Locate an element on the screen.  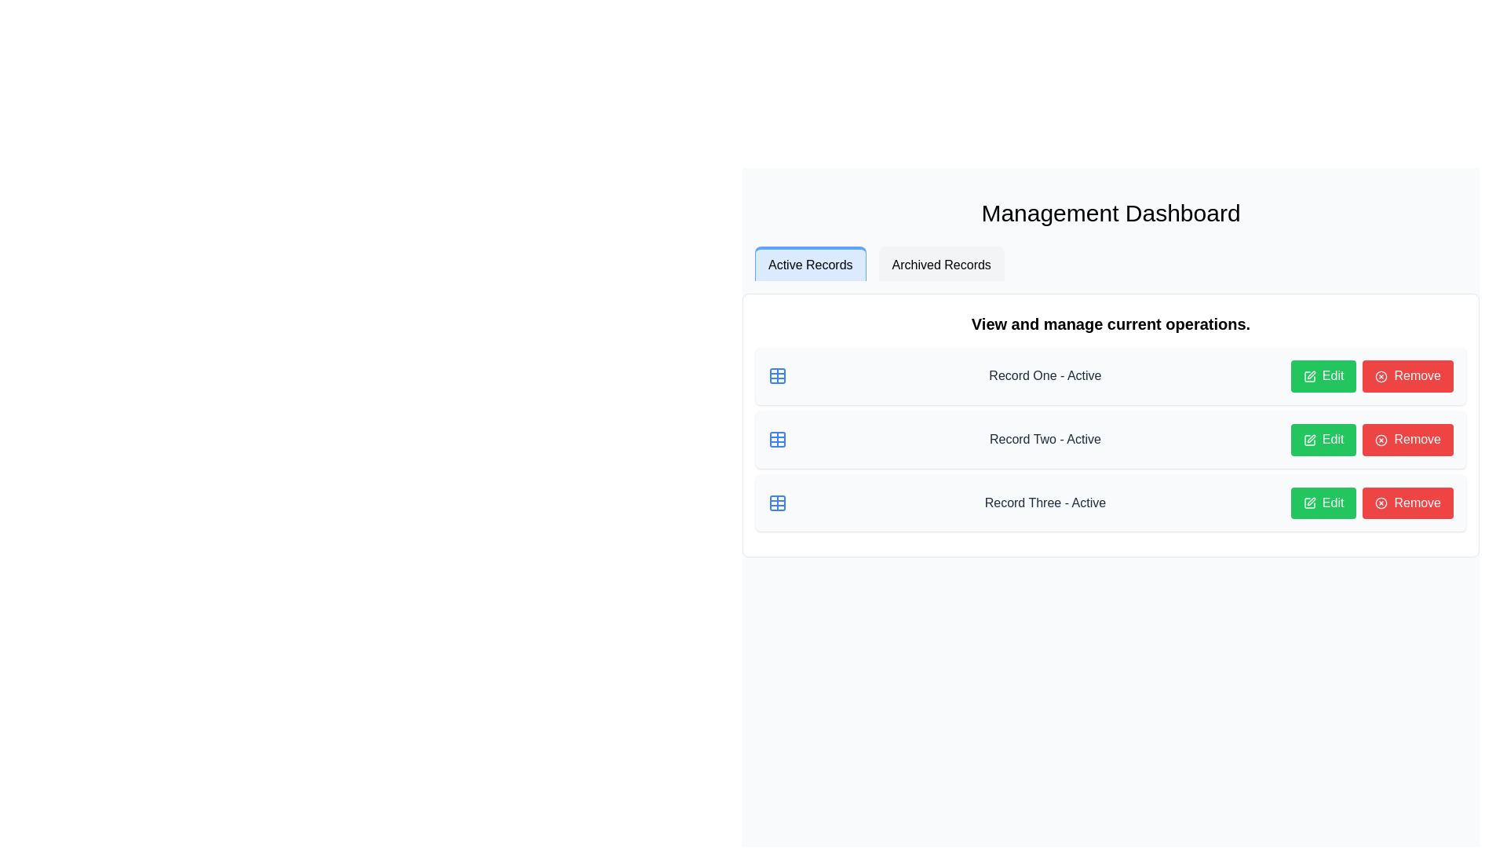
the Navigation Tab for Active Records is located at coordinates (810, 262).